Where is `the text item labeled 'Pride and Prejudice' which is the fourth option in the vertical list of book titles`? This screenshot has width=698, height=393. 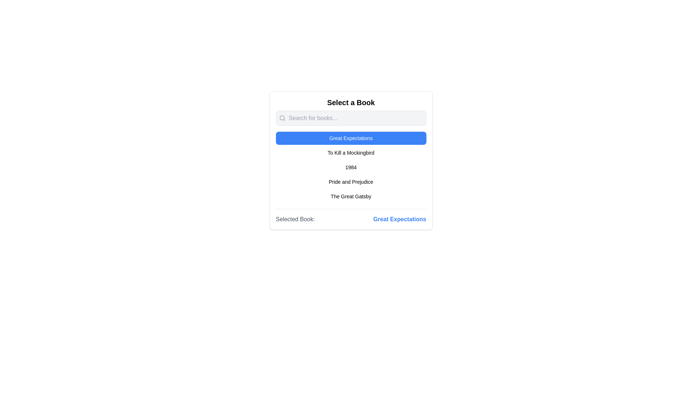
the text item labeled 'Pride and Prejudice' which is the fourth option in the vertical list of book titles is located at coordinates (351, 182).